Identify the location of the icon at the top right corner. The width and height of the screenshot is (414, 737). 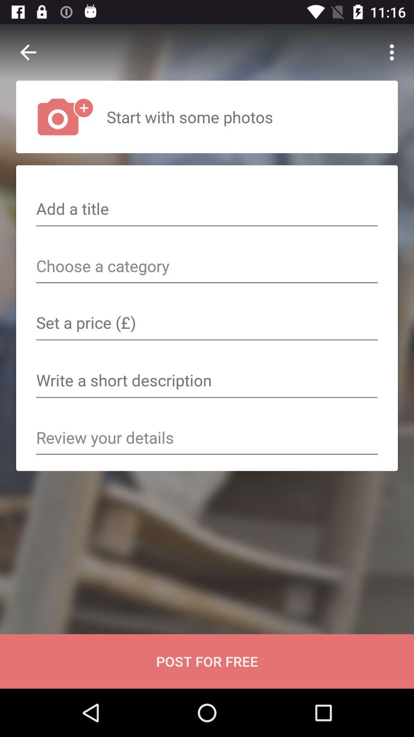
(394, 52).